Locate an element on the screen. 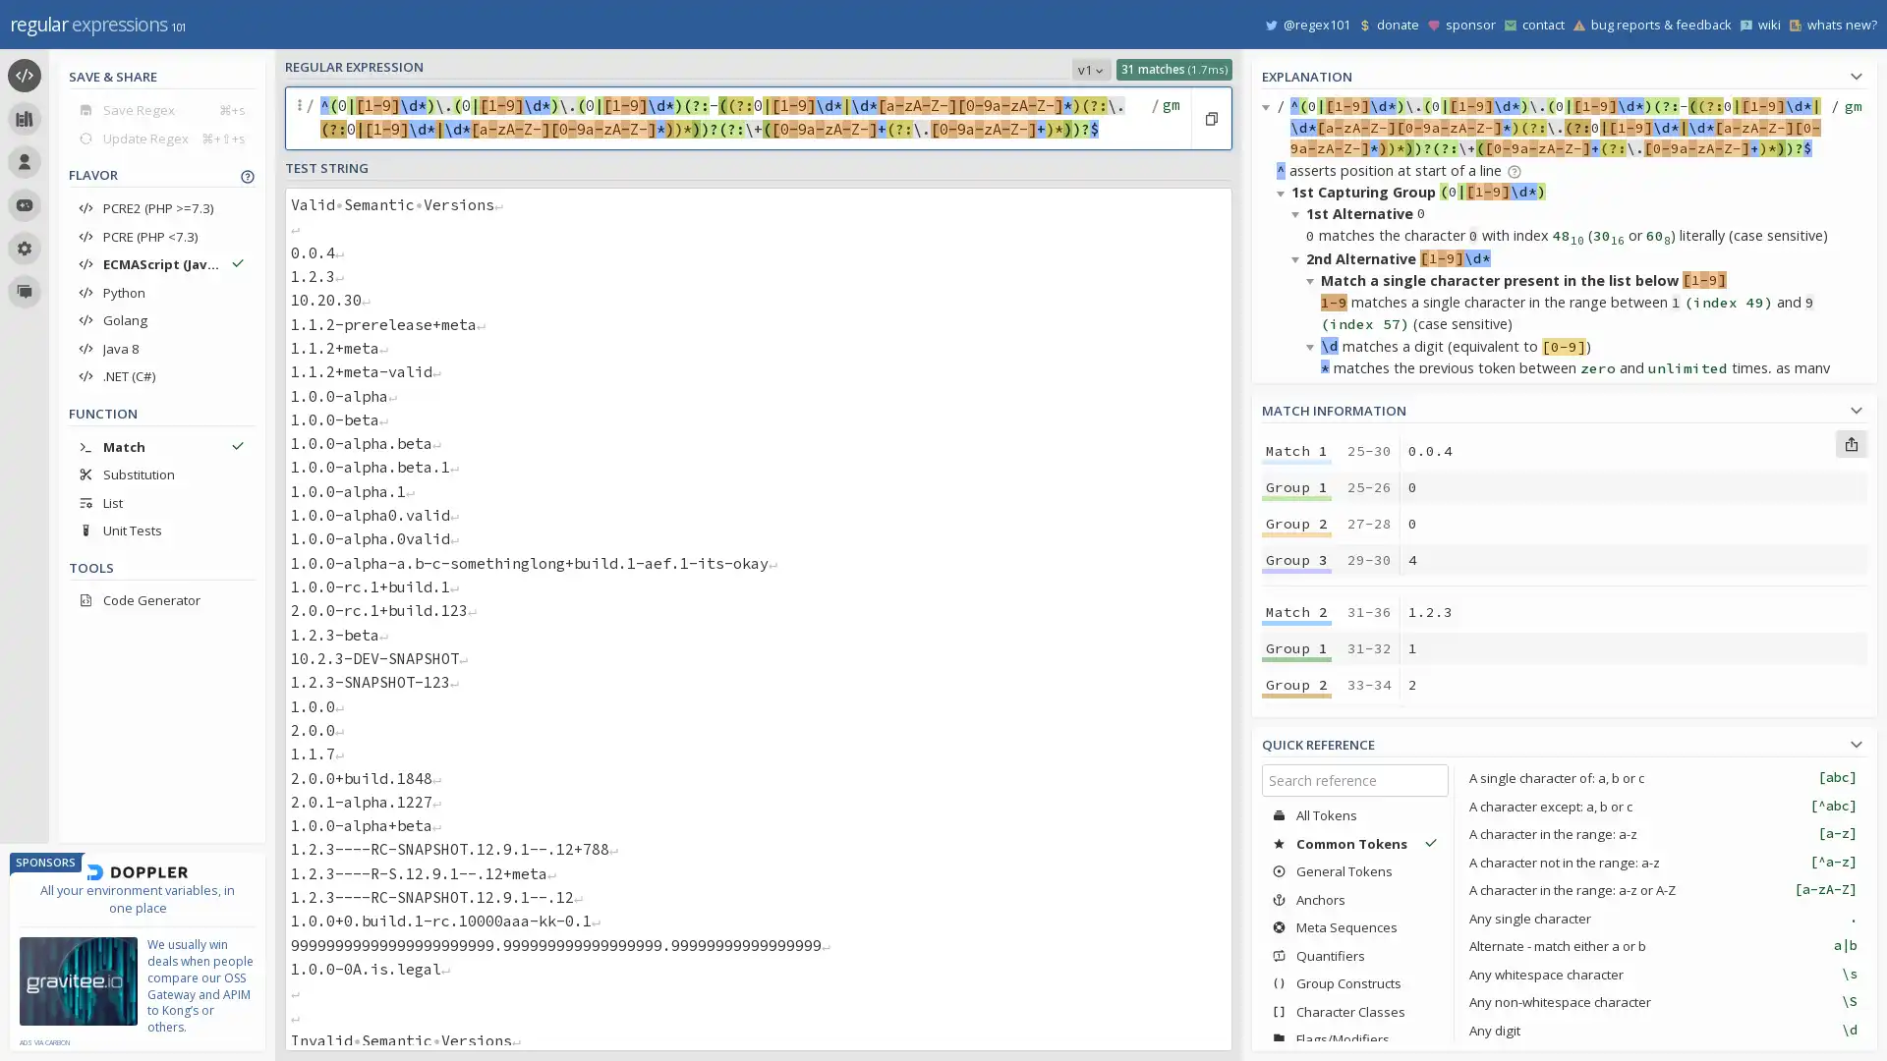  Collapse Subtree is located at coordinates (1269, 106).